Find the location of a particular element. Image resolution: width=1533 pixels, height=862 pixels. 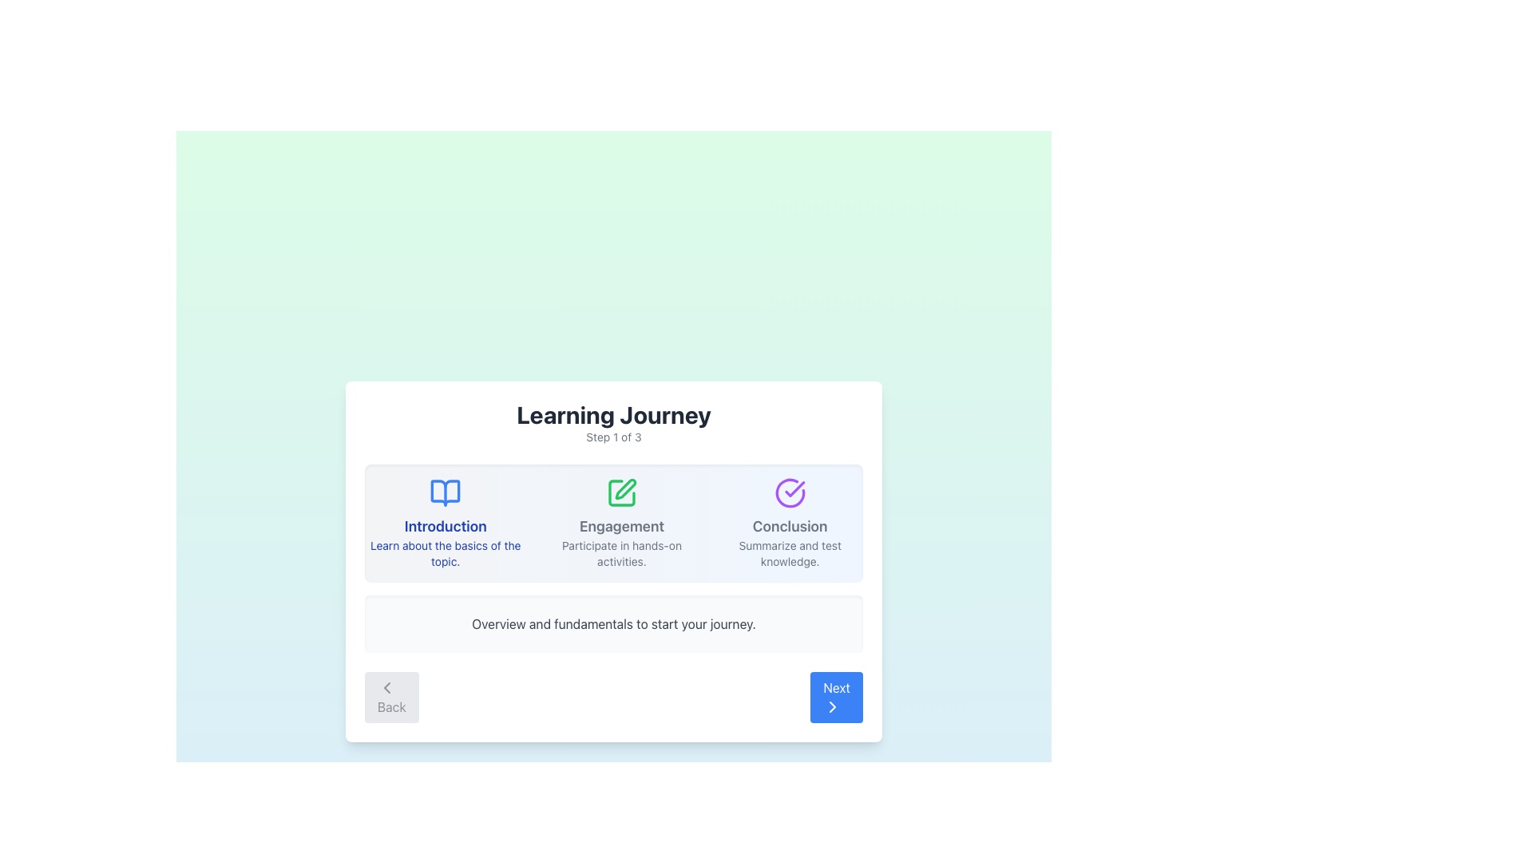

the second button located at the far-right side of the bottom navigation bar to make it actionable for keyboard navigation is located at coordinates (836, 697).